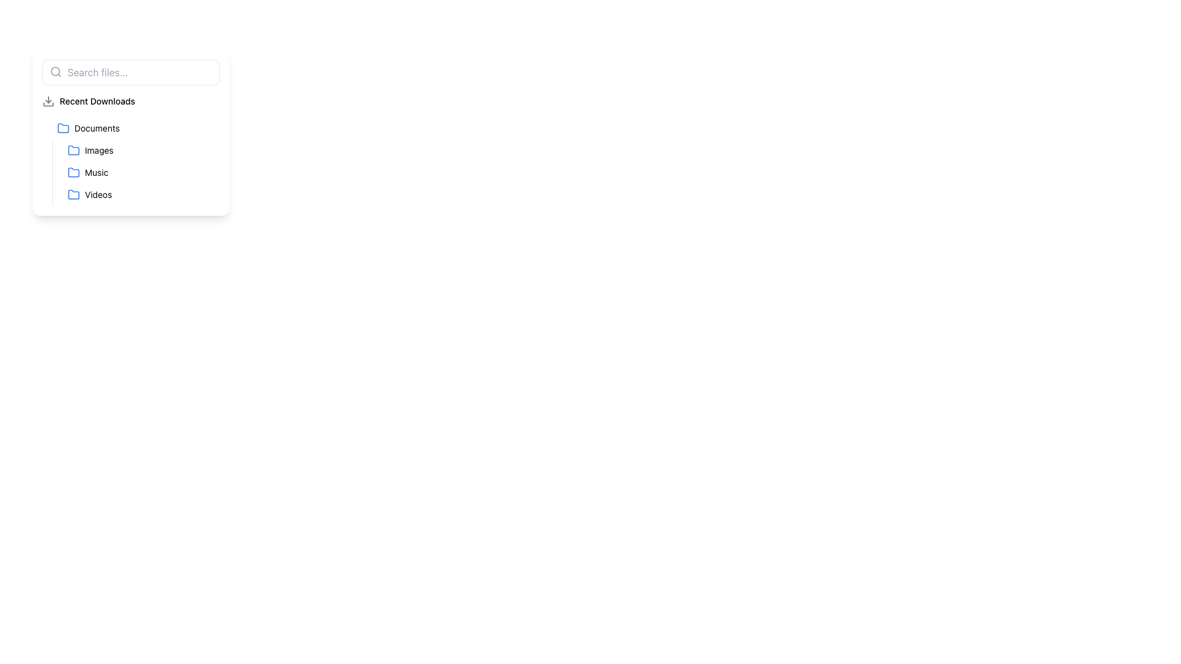  What do you see at coordinates (99, 150) in the screenshot?
I see `the 'Images' text label, which is located to the right of a blue folder icon and is the second folder listed under 'Recent Downloads'` at bounding box center [99, 150].